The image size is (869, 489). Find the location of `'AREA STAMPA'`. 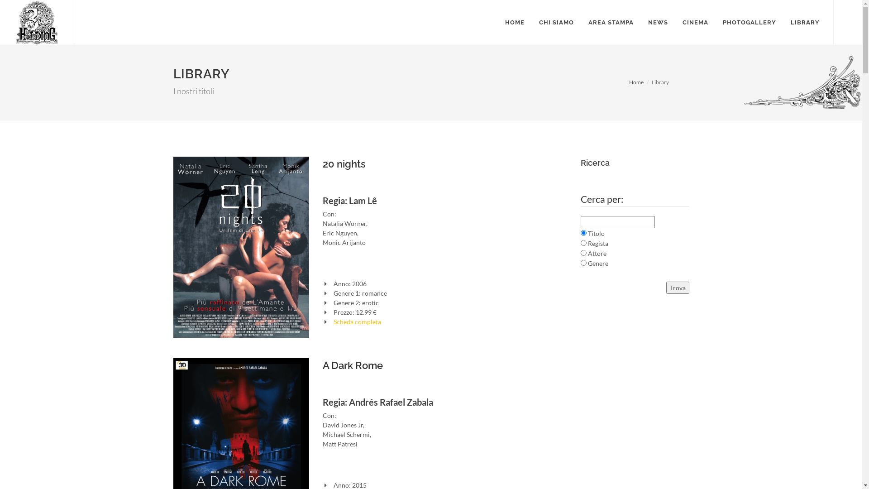

'AREA STAMPA' is located at coordinates (611, 22).